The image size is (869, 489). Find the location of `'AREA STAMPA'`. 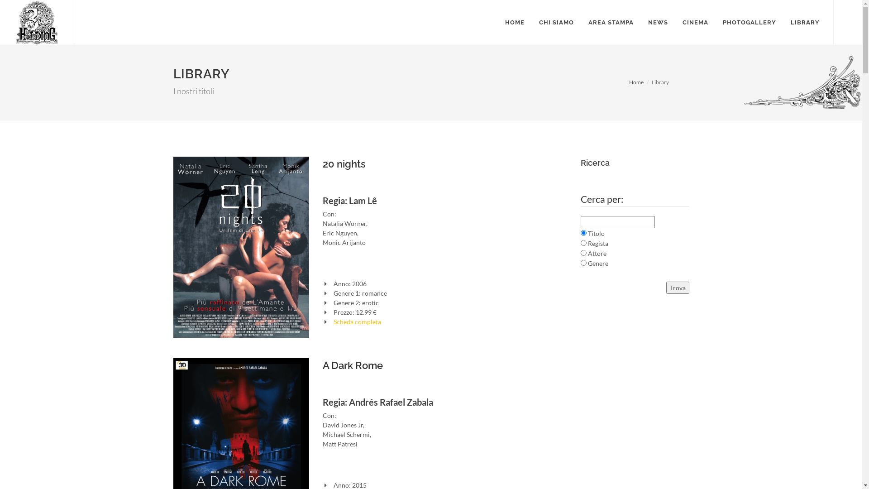

'AREA STAMPA' is located at coordinates (611, 22).